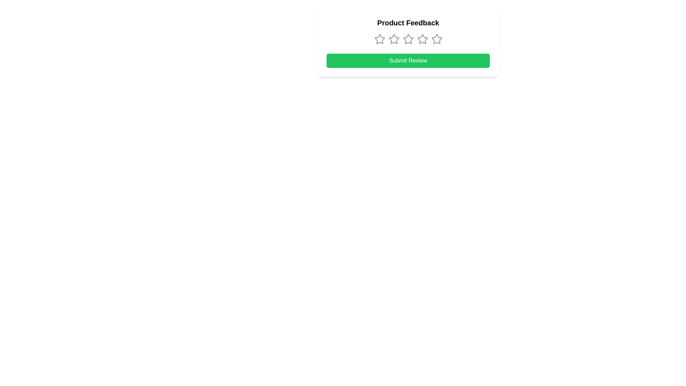 The image size is (686, 386). Describe the element at coordinates (379, 39) in the screenshot. I see `the first unselected star icon in the rating selection component, located below 'Product Feedback'` at that location.